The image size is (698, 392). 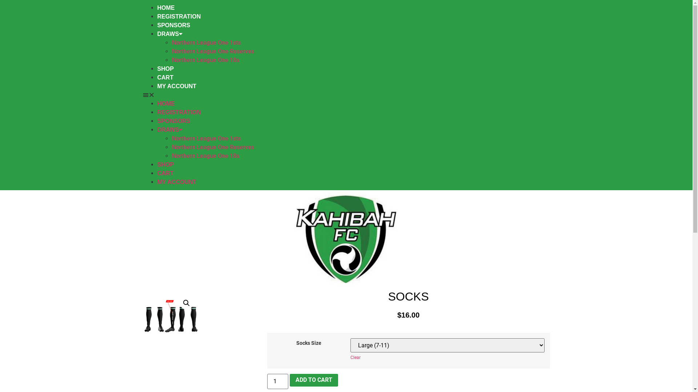 What do you see at coordinates (178, 112) in the screenshot?
I see `'REGISTRATION'` at bounding box center [178, 112].